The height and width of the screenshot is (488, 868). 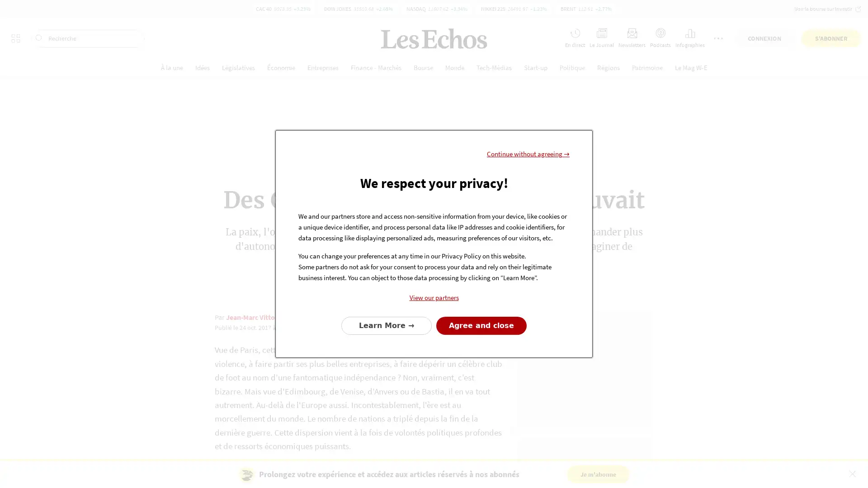 I want to click on Recherche, so click(x=88, y=12).